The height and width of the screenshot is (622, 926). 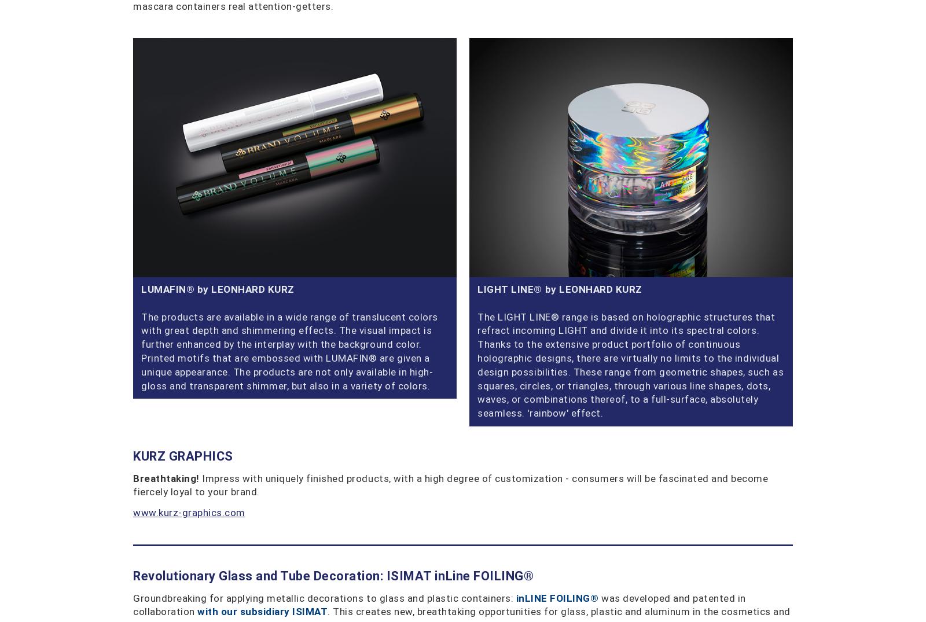 What do you see at coordinates (324, 597) in the screenshot?
I see `'Groundbreaking for applying metallic decorations to glass and plastic containers:'` at bounding box center [324, 597].